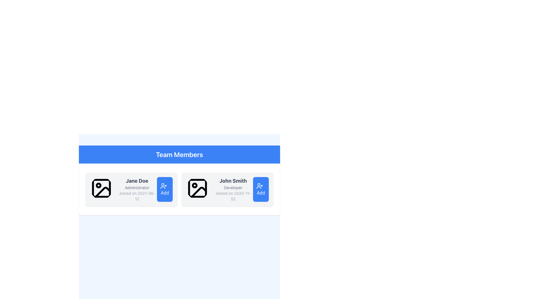  What do you see at coordinates (101, 188) in the screenshot?
I see `the Image Icon representing Jane Doe's profile picture located in the upper-left corner of her profile card` at bounding box center [101, 188].